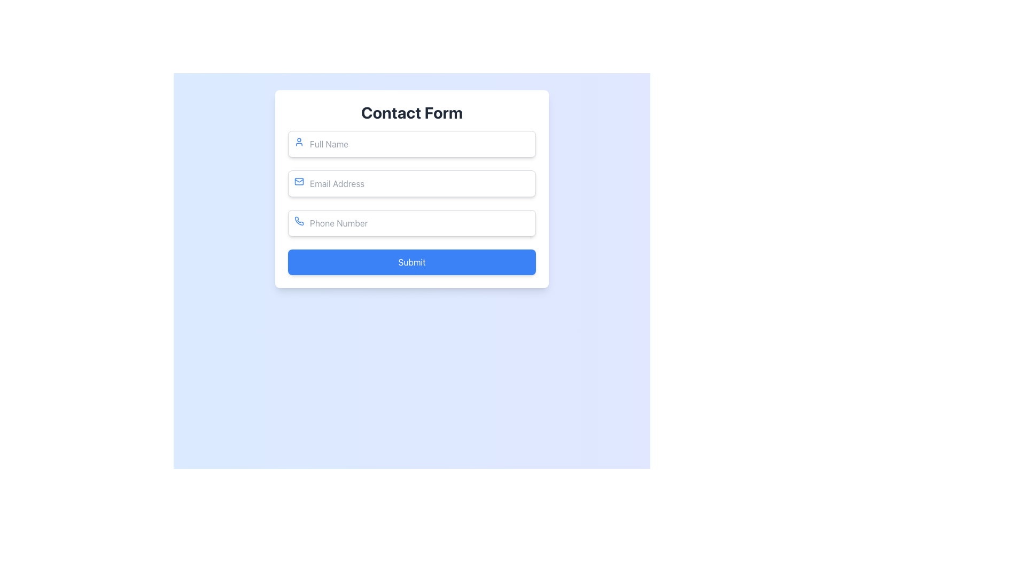 The width and height of the screenshot is (1026, 577). Describe the element at coordinates (299, 142) in the screenshot. I see `the small blue user icon located to the left of the 'Full Name' input field on the contact form, which features a minimalist profile silhouette design` at that location.